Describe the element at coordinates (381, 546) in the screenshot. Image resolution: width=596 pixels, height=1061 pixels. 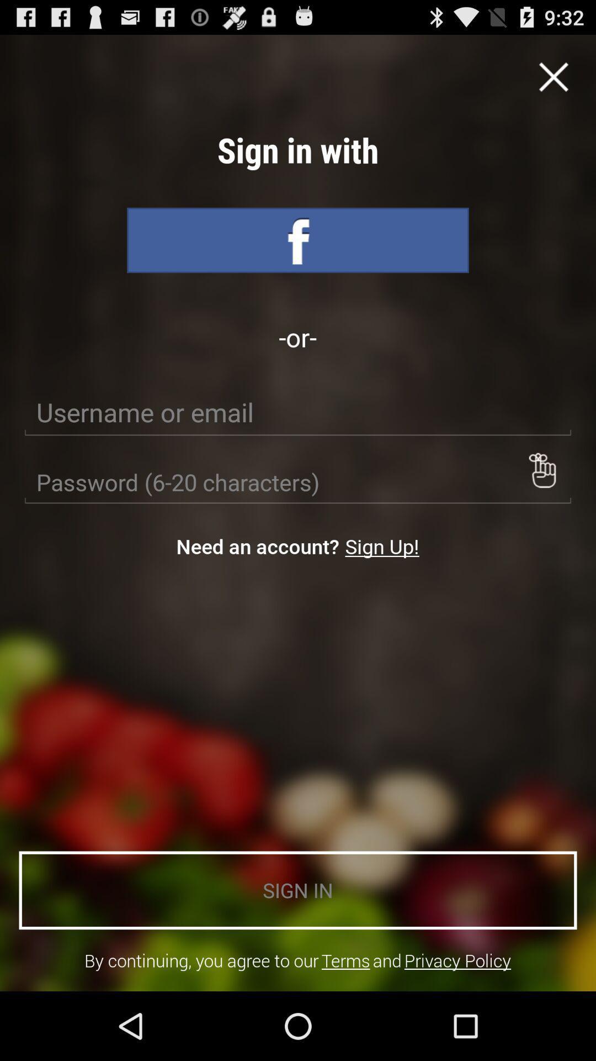
I see `item to the right of need an account? item` at that location.